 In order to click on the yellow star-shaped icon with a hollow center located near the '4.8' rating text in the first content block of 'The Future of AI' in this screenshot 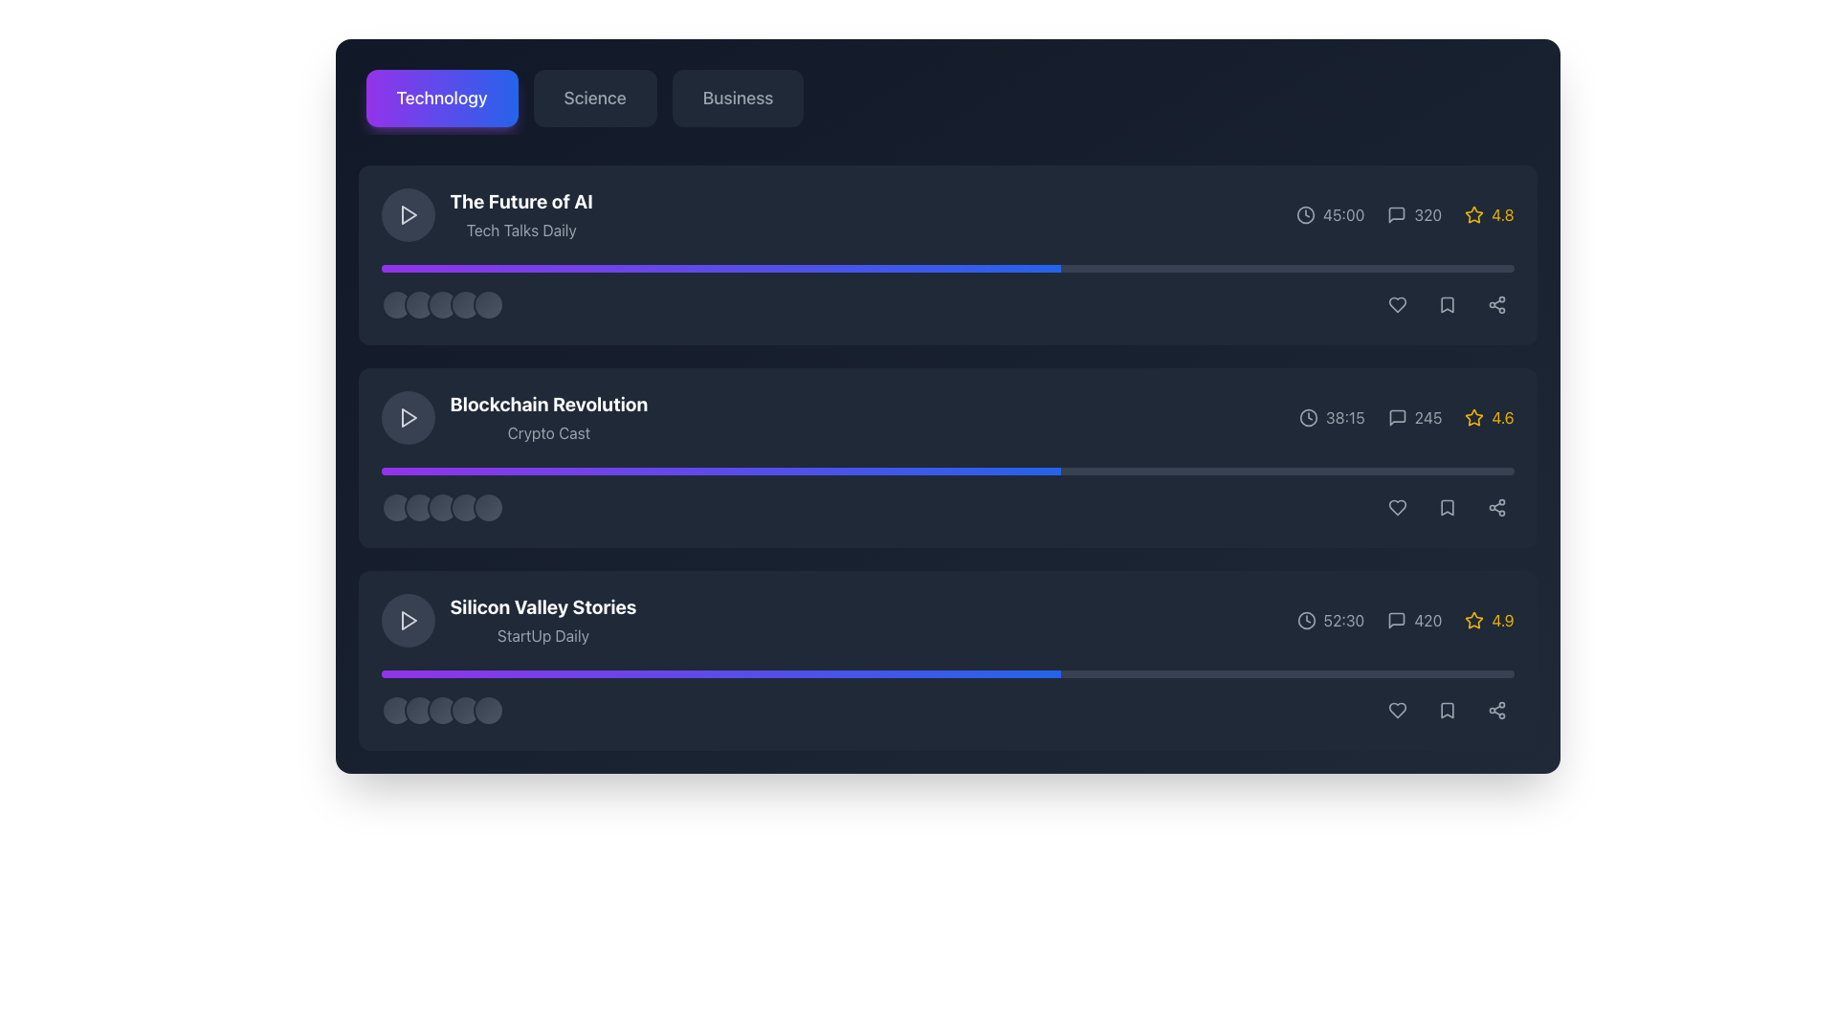, I will do `click(1473, 214)`.